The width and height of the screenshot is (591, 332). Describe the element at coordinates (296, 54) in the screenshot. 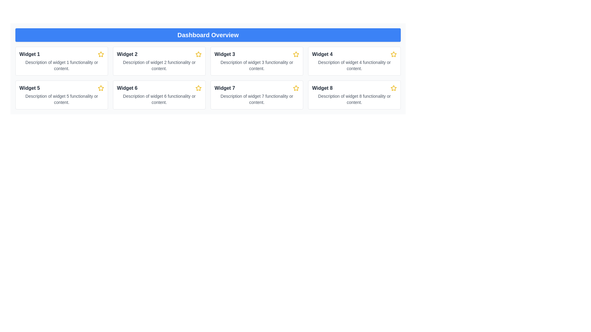

I see `the star-shaped icon with a yellow outline located in the top-right corner of the card labeled 'Widget 3' to mark or unmark it as a favorite` at that location.